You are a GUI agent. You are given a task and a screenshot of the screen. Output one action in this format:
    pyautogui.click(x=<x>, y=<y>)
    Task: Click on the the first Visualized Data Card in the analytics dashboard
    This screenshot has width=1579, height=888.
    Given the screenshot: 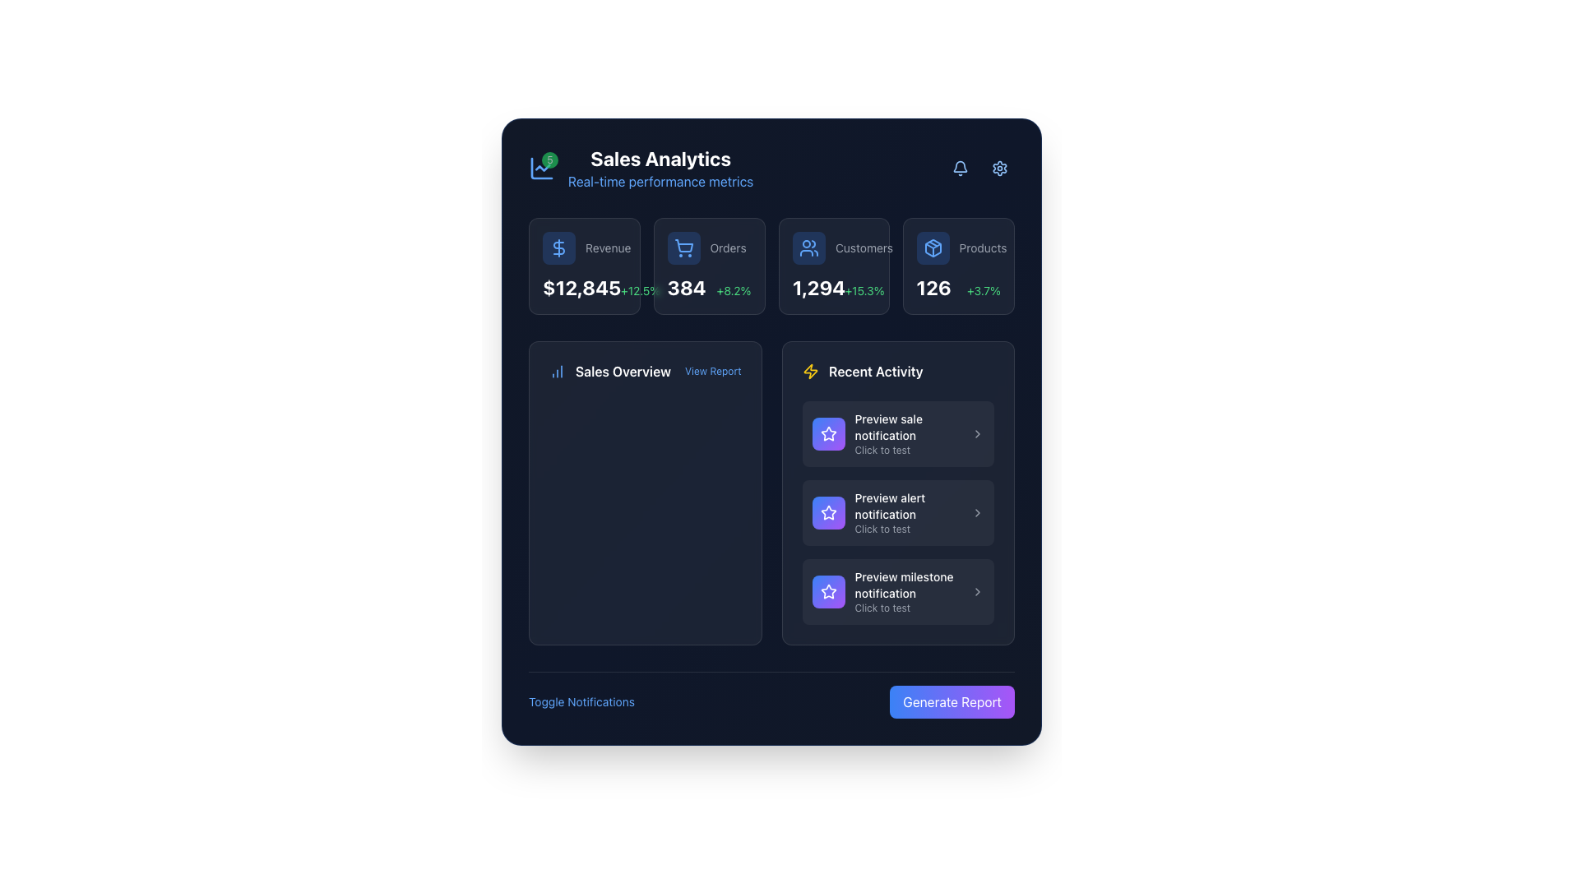 What is the action you would take?
    pyautogui.click(x=584, y=266)
    